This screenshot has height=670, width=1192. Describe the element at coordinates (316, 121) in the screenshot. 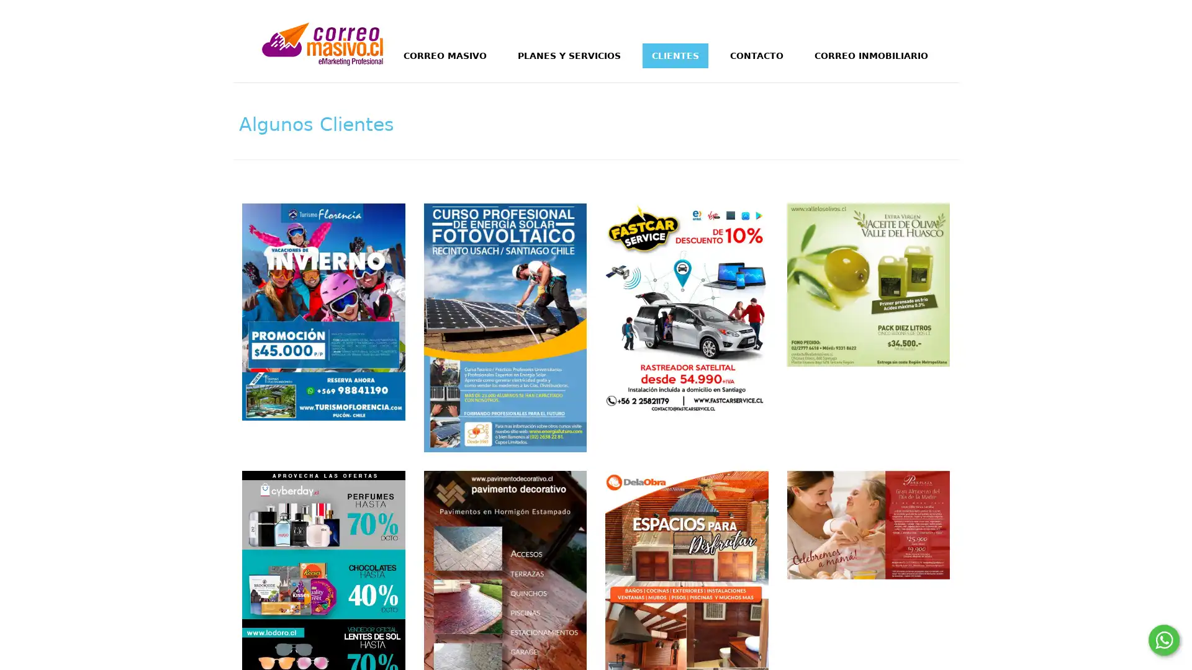

I see `Algunos Clientes` at that location.